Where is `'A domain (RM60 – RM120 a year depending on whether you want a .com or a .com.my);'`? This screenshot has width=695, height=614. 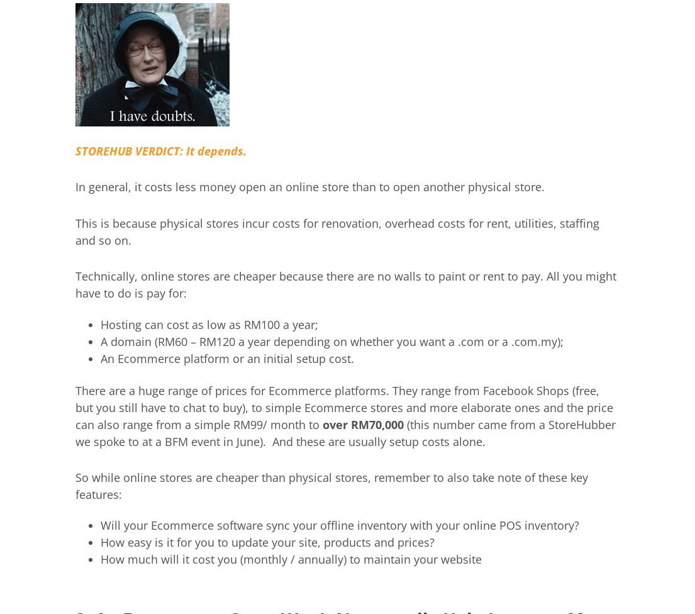 'A domain (RM60 – RM120 a year depending on whether you want a .com or a .com.my);' is located at coordinates (331, 340).